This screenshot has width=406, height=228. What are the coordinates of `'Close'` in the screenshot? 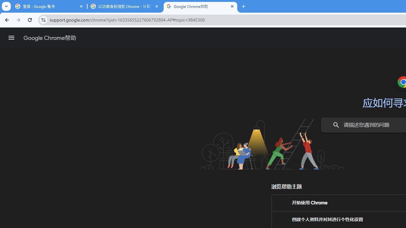 It's located at (232, 6).